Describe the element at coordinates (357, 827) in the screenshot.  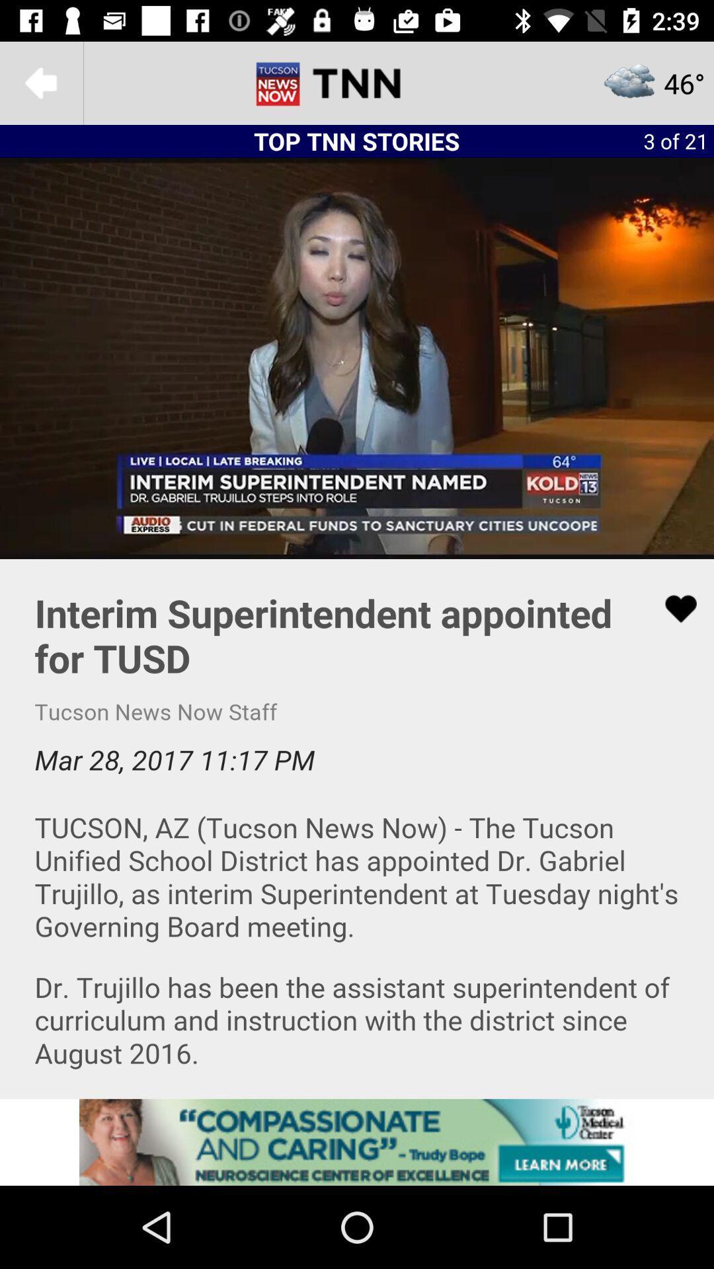
I see `transcript of article` at that location.